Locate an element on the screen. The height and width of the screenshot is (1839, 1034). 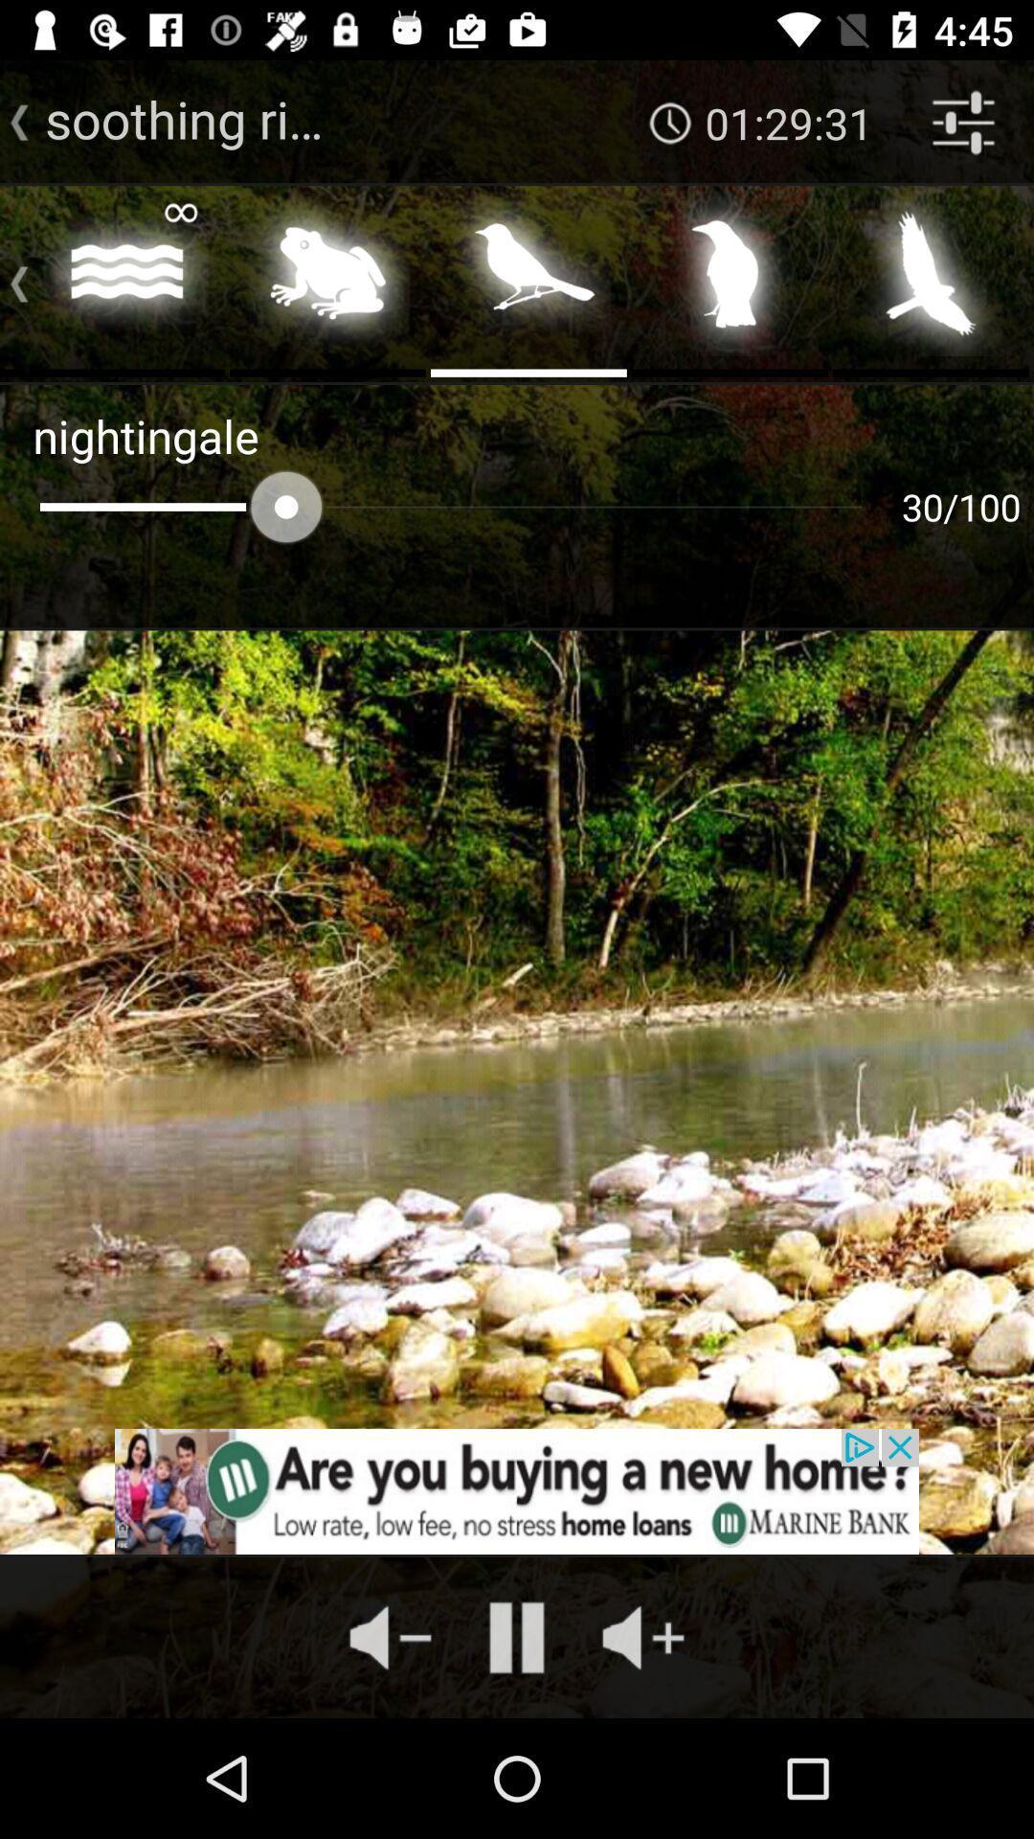
advertisement click is located at coordinates (517, 1490).